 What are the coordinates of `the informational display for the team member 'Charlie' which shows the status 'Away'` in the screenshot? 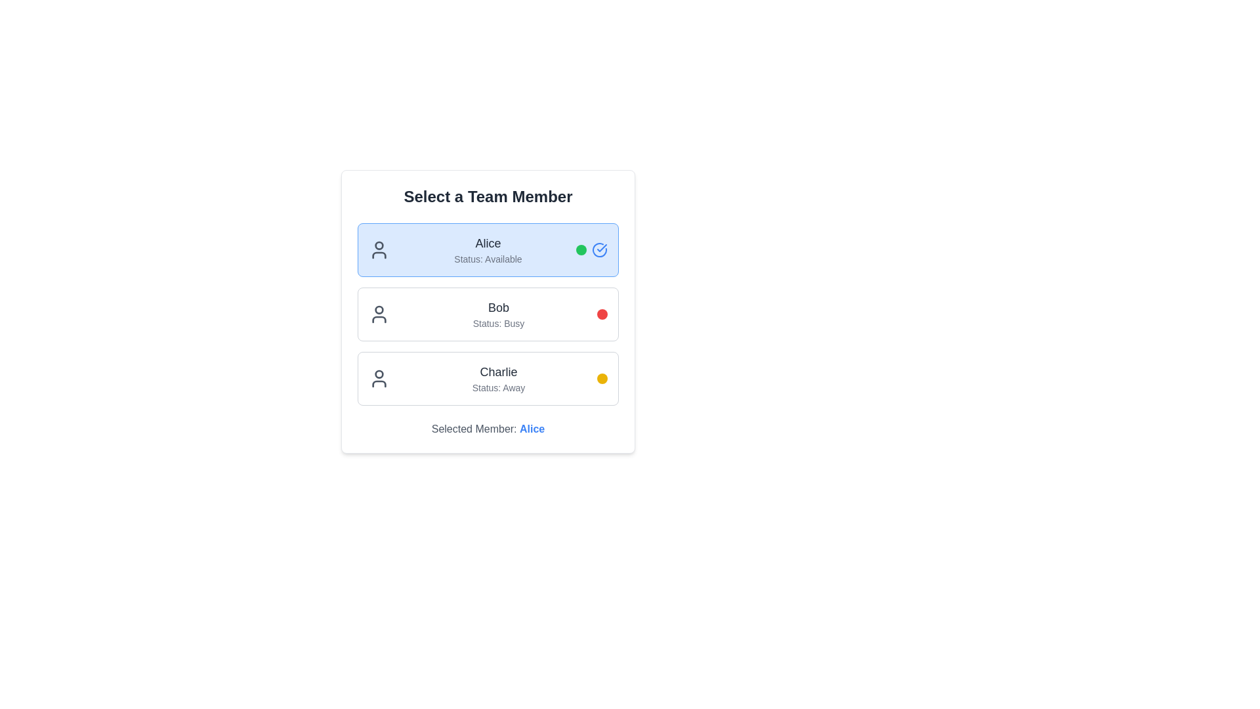 It's located at (497, 379).